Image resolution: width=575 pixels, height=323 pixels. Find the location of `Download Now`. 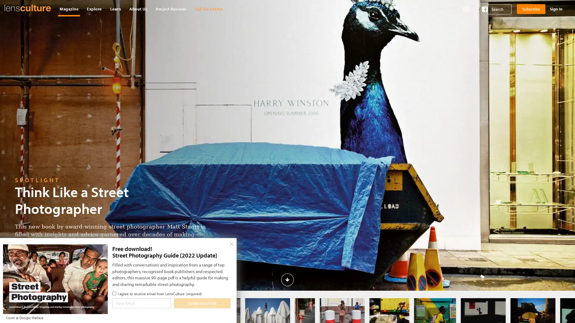

Download Now is located at coordinates (202, 303).